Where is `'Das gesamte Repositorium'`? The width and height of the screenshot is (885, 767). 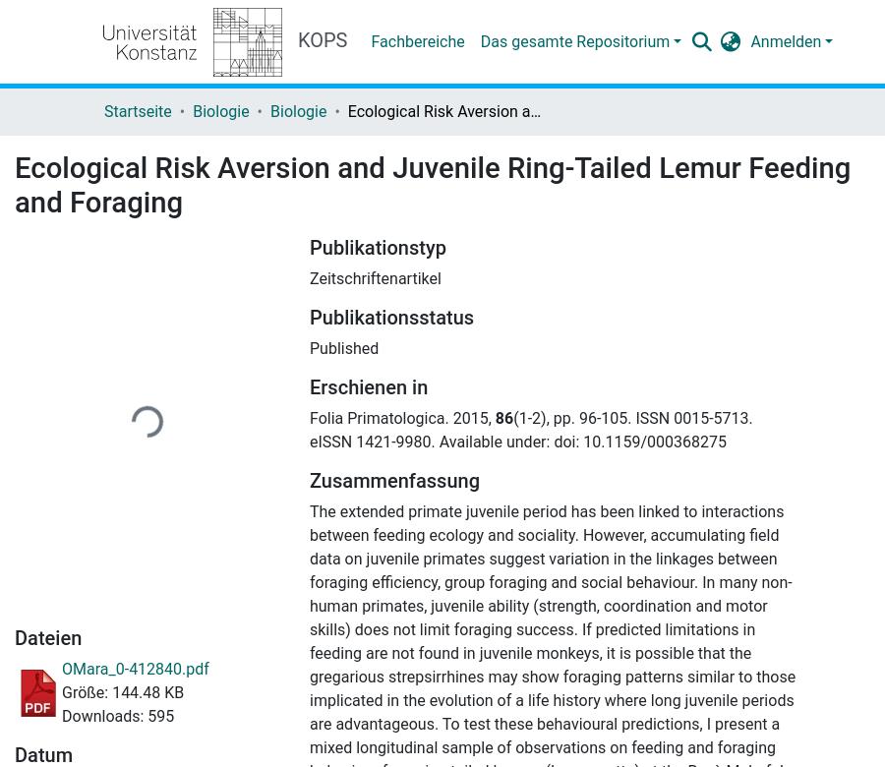
'Das gesamte Repositorium' is located at coordinates (574, 41).